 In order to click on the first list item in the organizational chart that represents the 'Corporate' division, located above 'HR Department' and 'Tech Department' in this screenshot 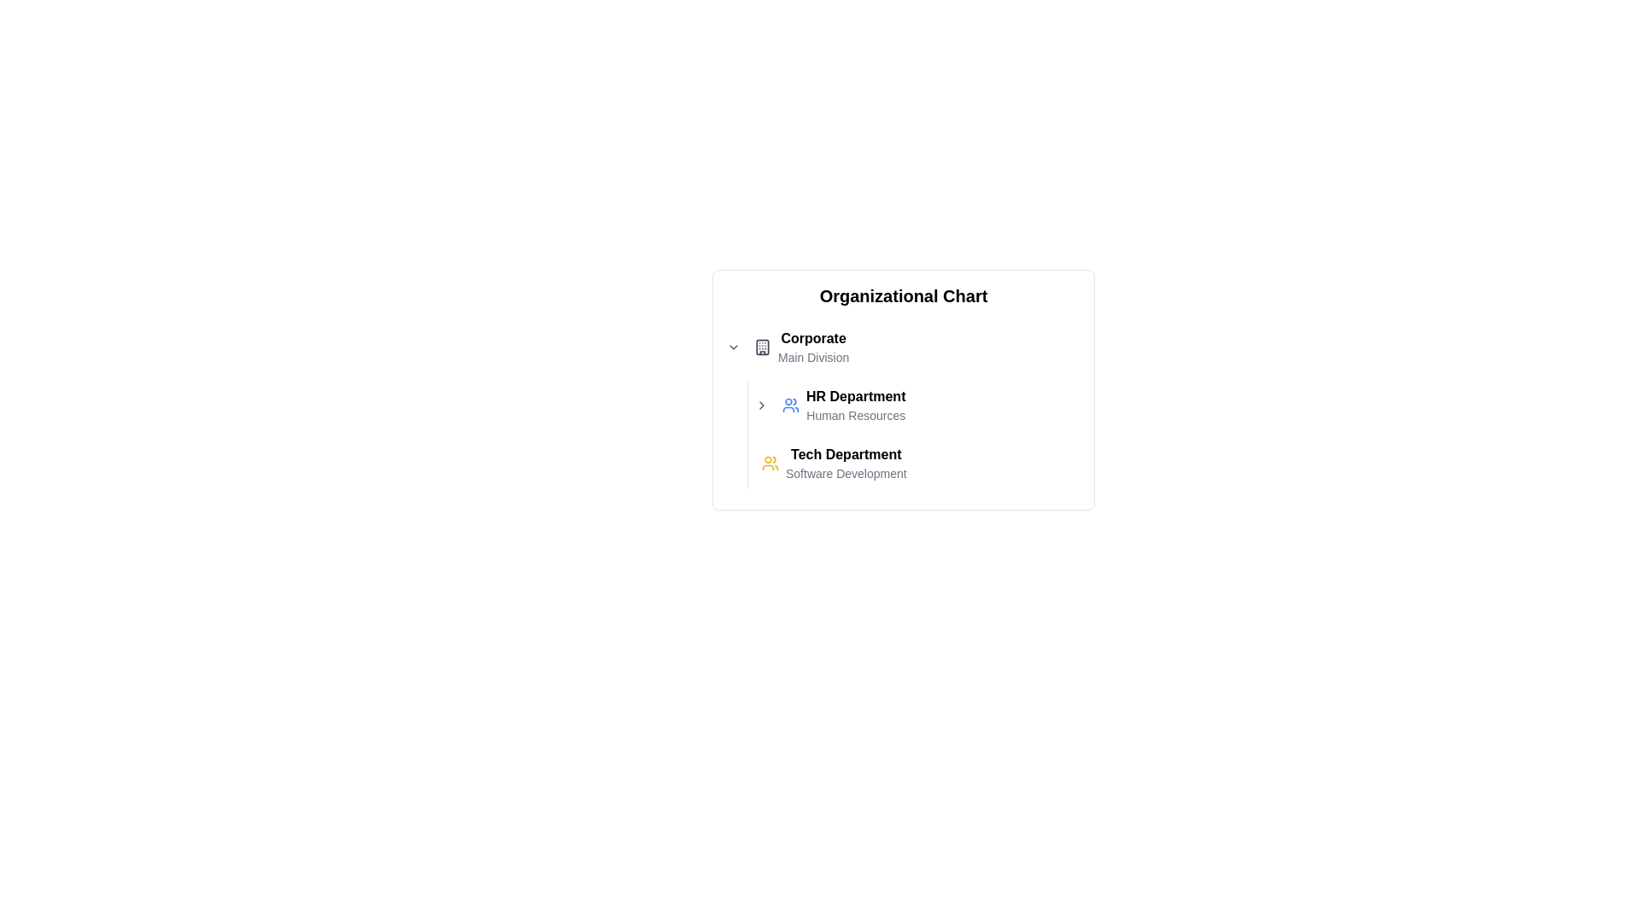, I will do `click(800, 347)`.